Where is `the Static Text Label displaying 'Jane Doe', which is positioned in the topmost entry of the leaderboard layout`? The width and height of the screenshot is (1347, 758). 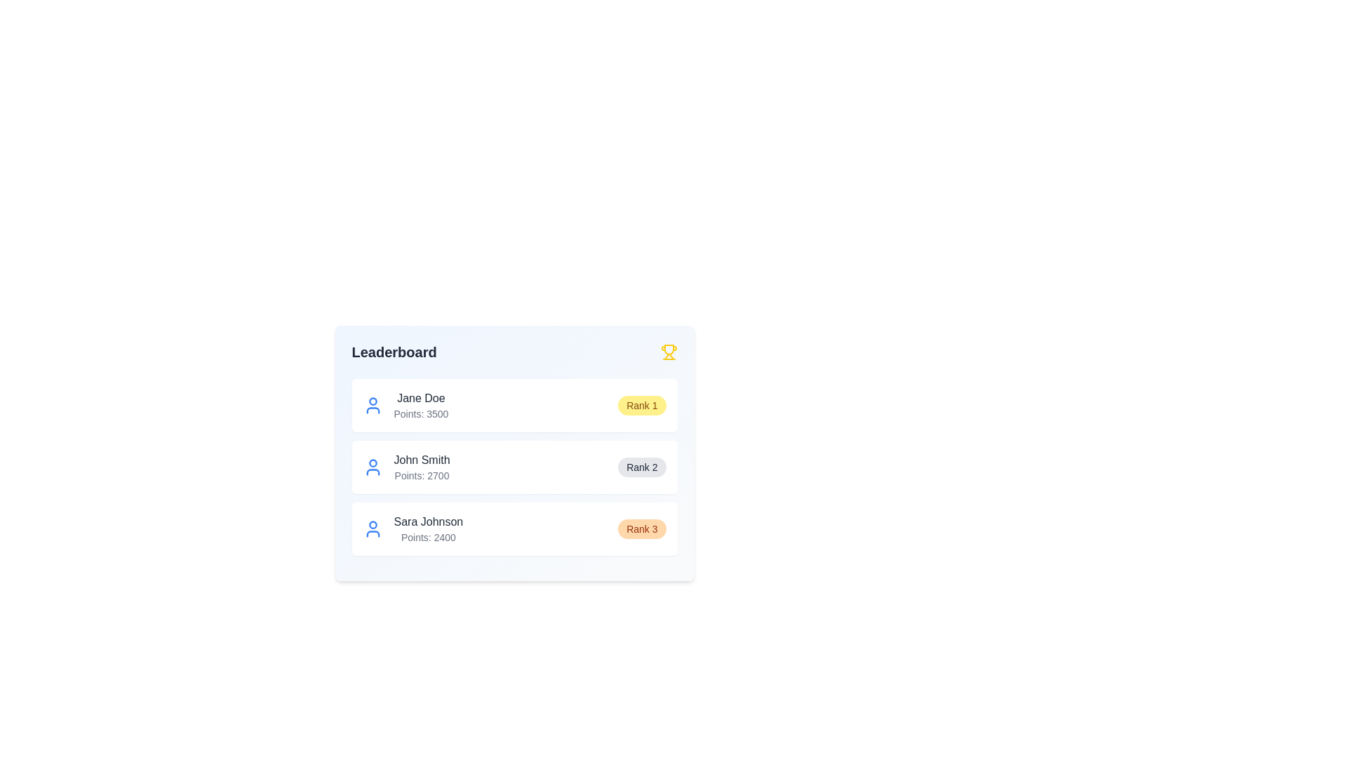 the Static Text Label displaying 'Jane Doe', which is positioned in the topmost entry of the leaderboard layout is located at coordinates (420, 398).